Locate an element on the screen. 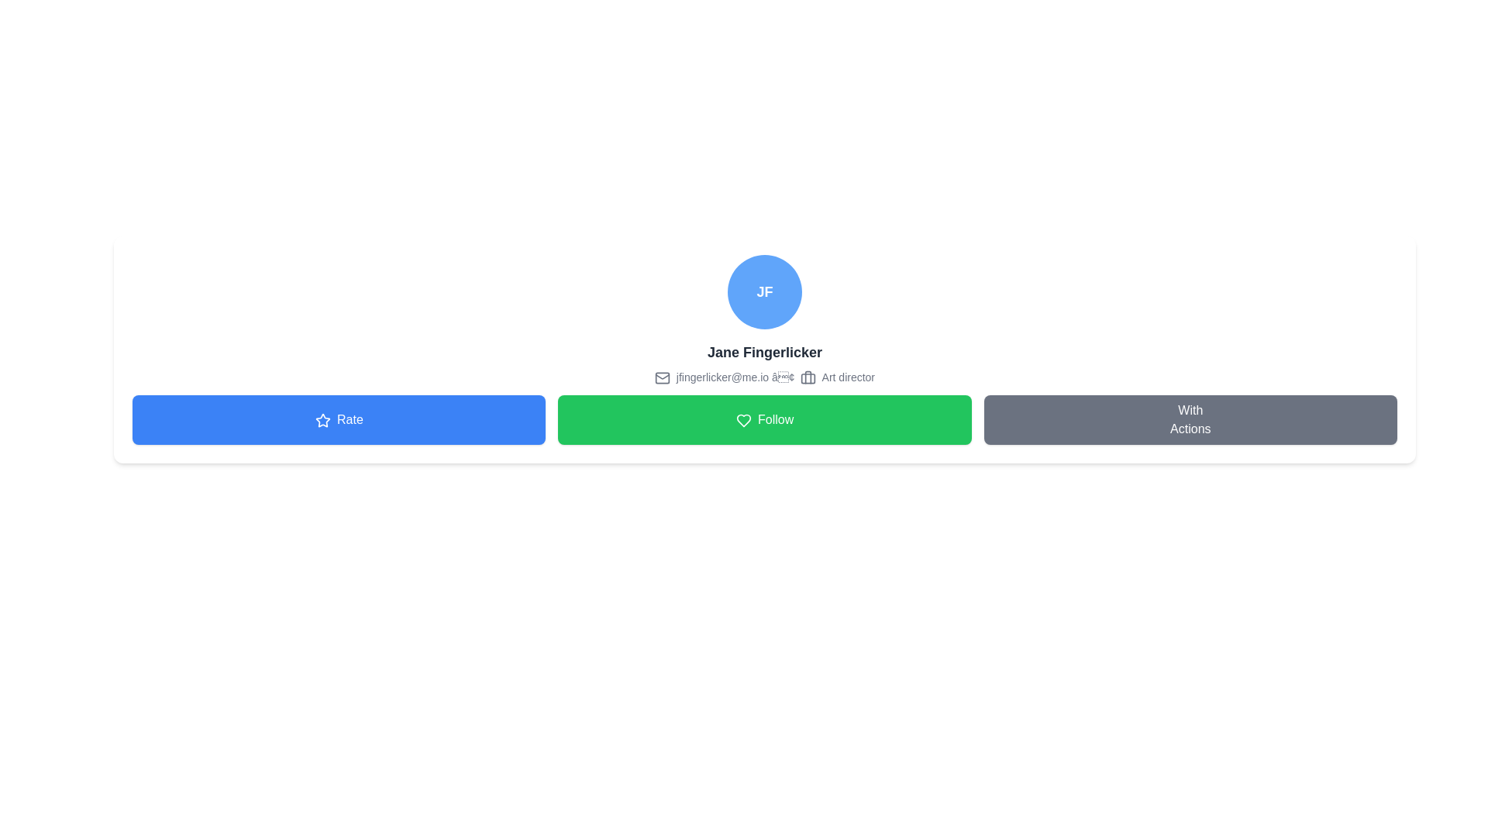 This screenshot has height=837, width=1488. the star decorative icon within the 'Rate' button to initiate a rating action is located at coordinates (322, 420).